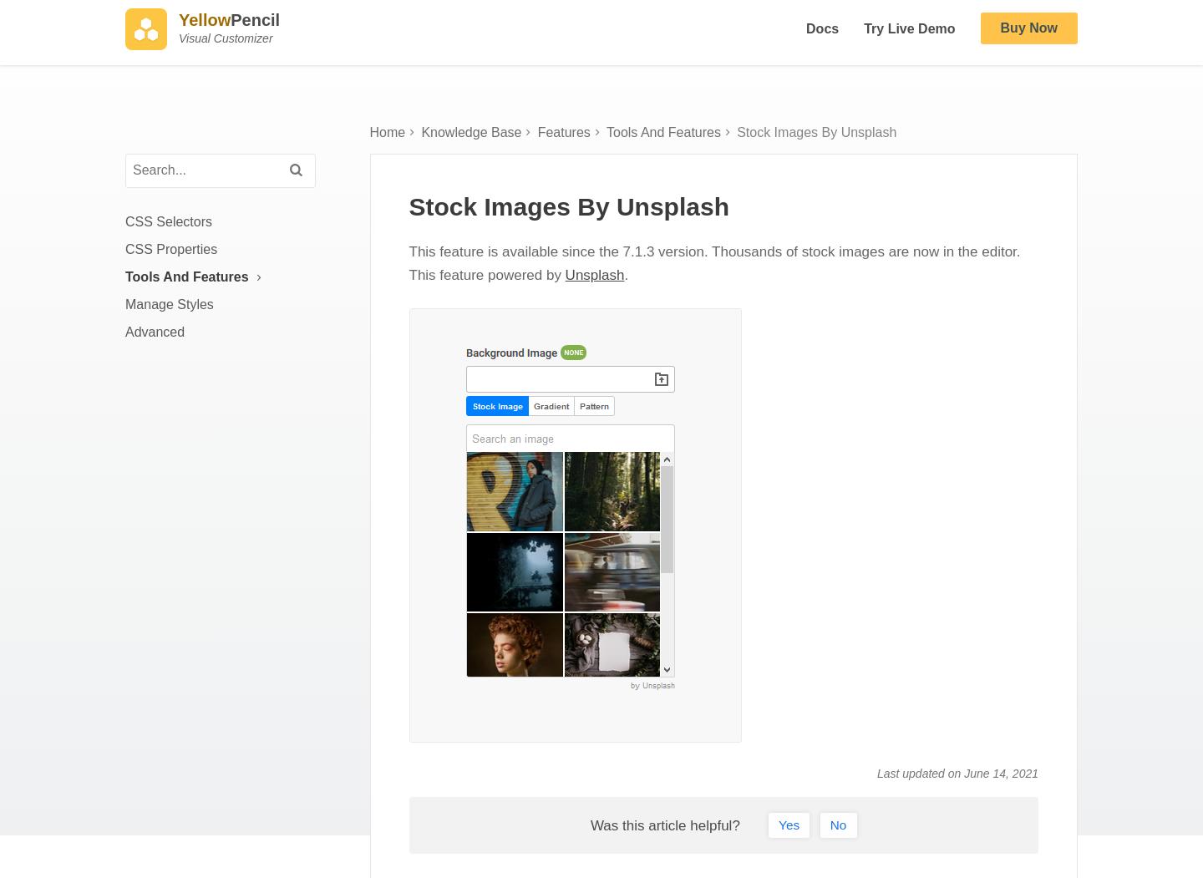 This screenshot has width=1203, height=878. Describe the element at coordinates (387, 147) in the screenshot. I see `'Home'` at that location.